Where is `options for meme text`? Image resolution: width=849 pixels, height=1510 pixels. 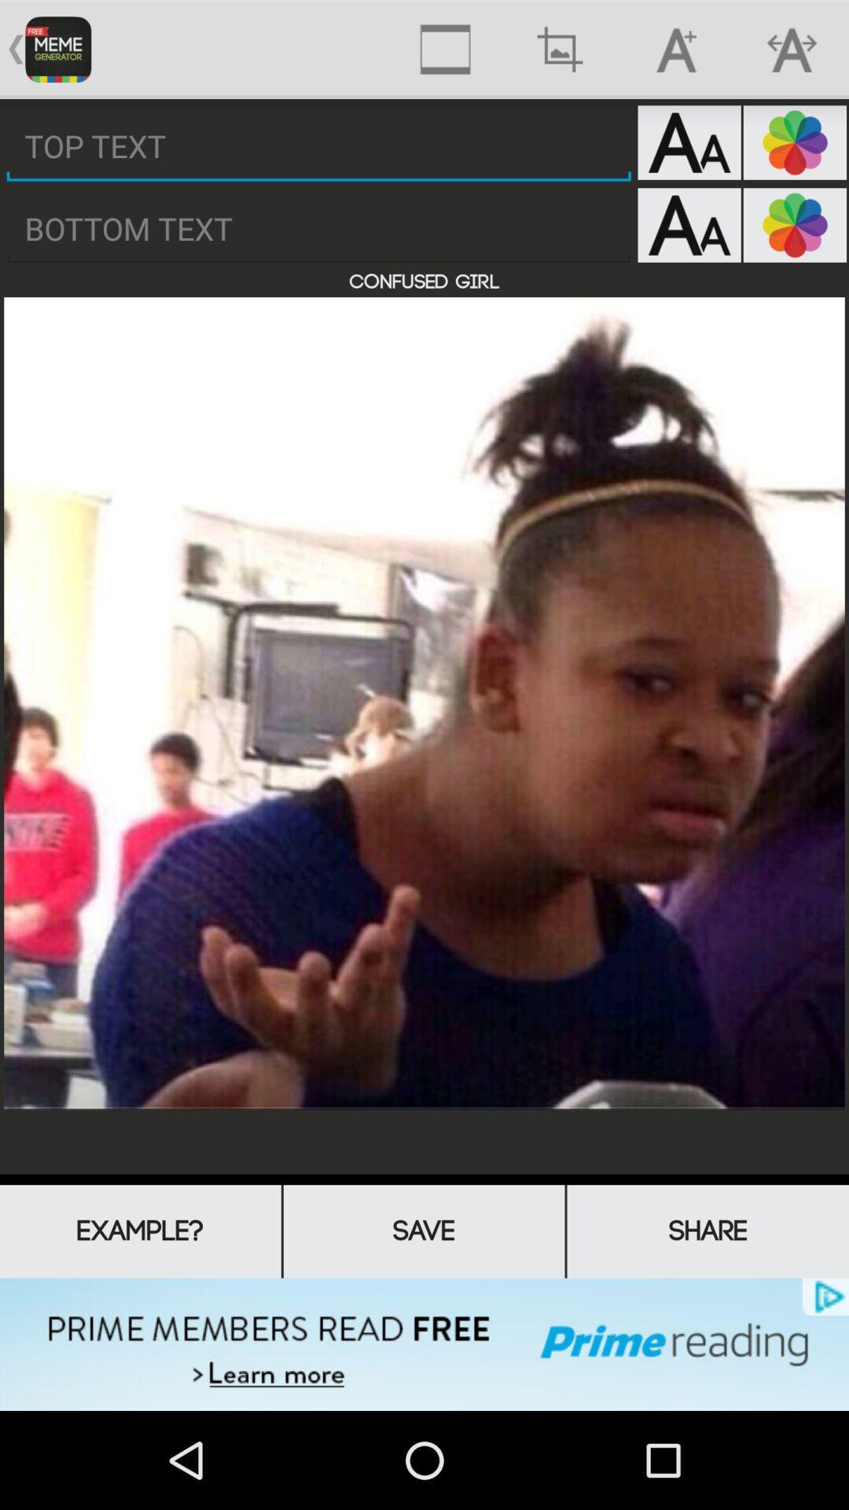 options for meme text is located at coordinates (689, 142).